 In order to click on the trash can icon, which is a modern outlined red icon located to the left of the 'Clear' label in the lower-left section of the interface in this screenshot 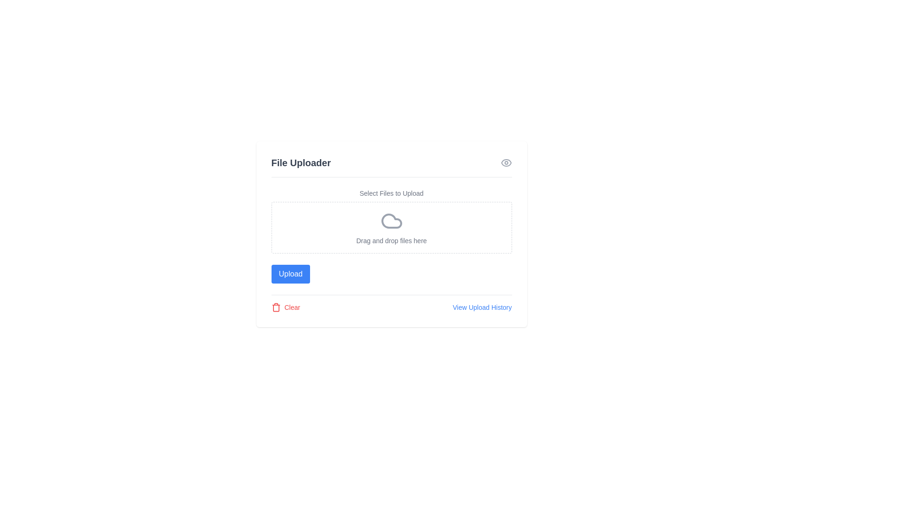, I will do `click(275, 307)`.